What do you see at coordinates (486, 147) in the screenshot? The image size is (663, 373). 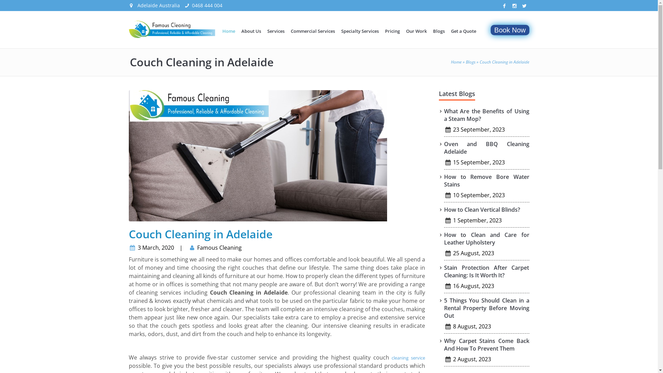 I see `'Oven and BBQ Cleaning Adelaide'` at bounding box center [486, 147].